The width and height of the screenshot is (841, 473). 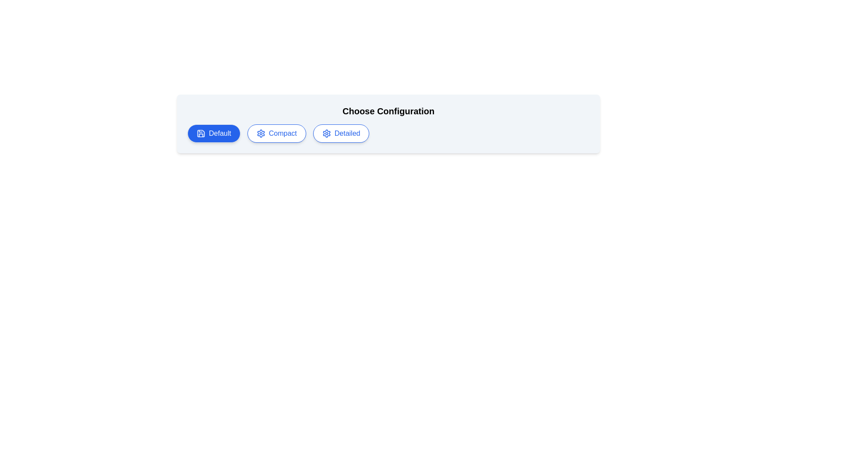 What do you see at coordinates (276, 133) in the screenshot?
I see `the button labeled Compact to observe its hover effect` at bounding box center [276, 133].